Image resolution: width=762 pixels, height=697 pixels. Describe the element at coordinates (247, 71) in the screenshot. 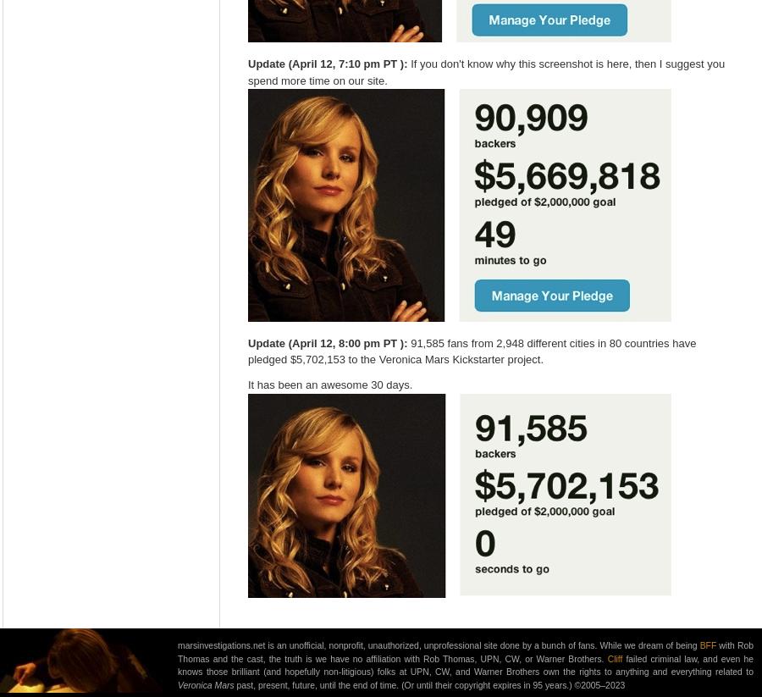

I see `'If you don't know why this screenshot is here, then I suggest you spend more time on our site.'` at that location.